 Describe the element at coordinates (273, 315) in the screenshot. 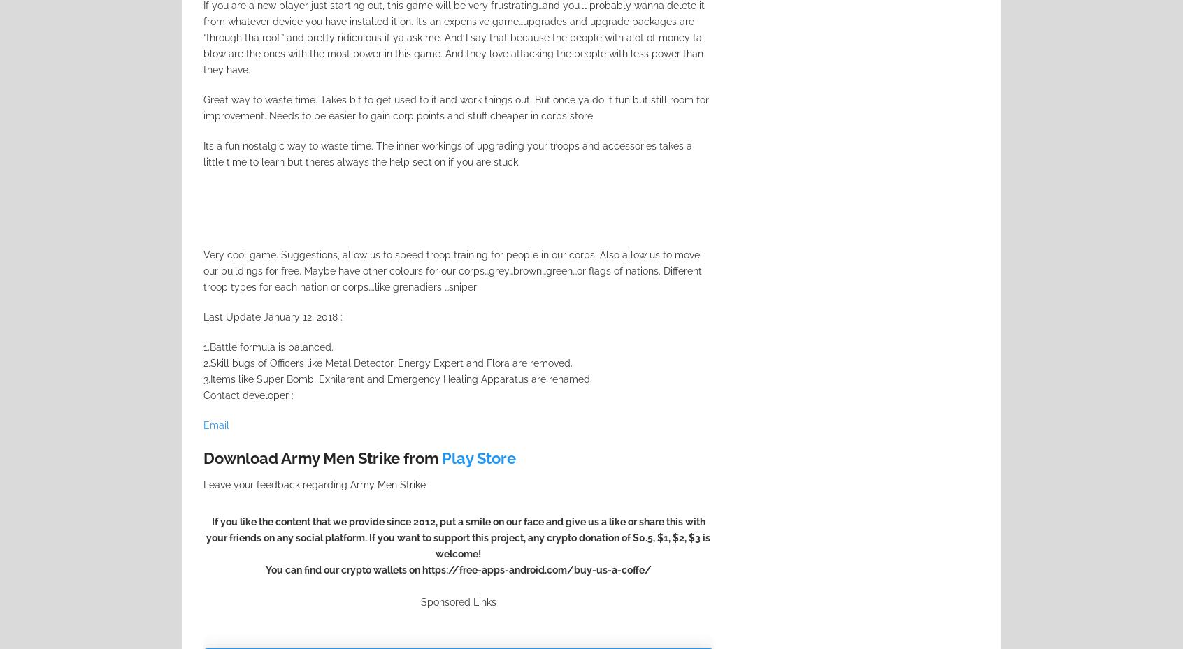

I see `'Last Update January 12, 2018 :'` at that location.